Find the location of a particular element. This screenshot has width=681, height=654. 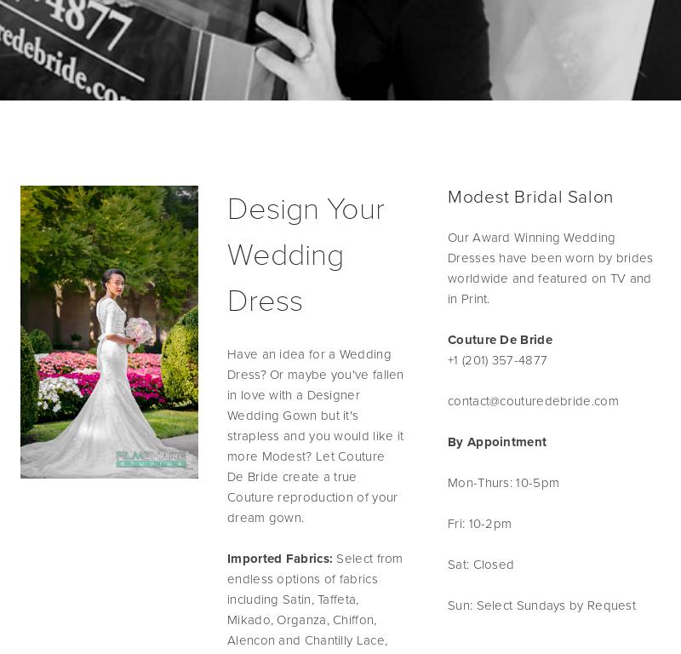

'+1 (201) 357-4877' is located at coordinates (496, 359).